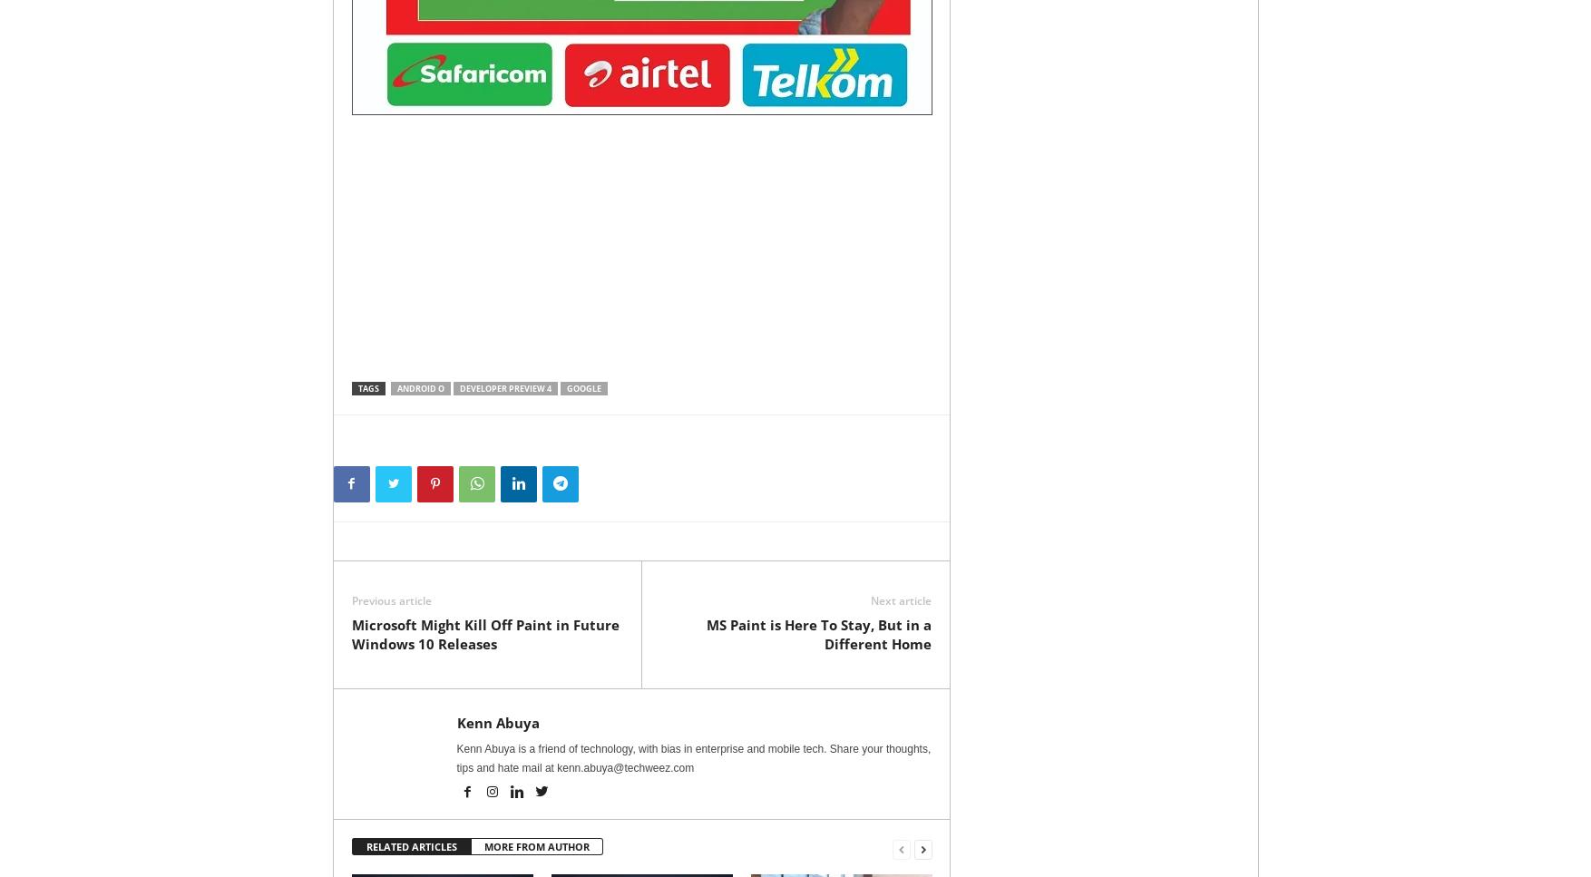 The width and height of the screenshot is (1591, 877). Describe the element at coordinates (390, 599) in the screenshot. I see `'Previous article'` at that location.